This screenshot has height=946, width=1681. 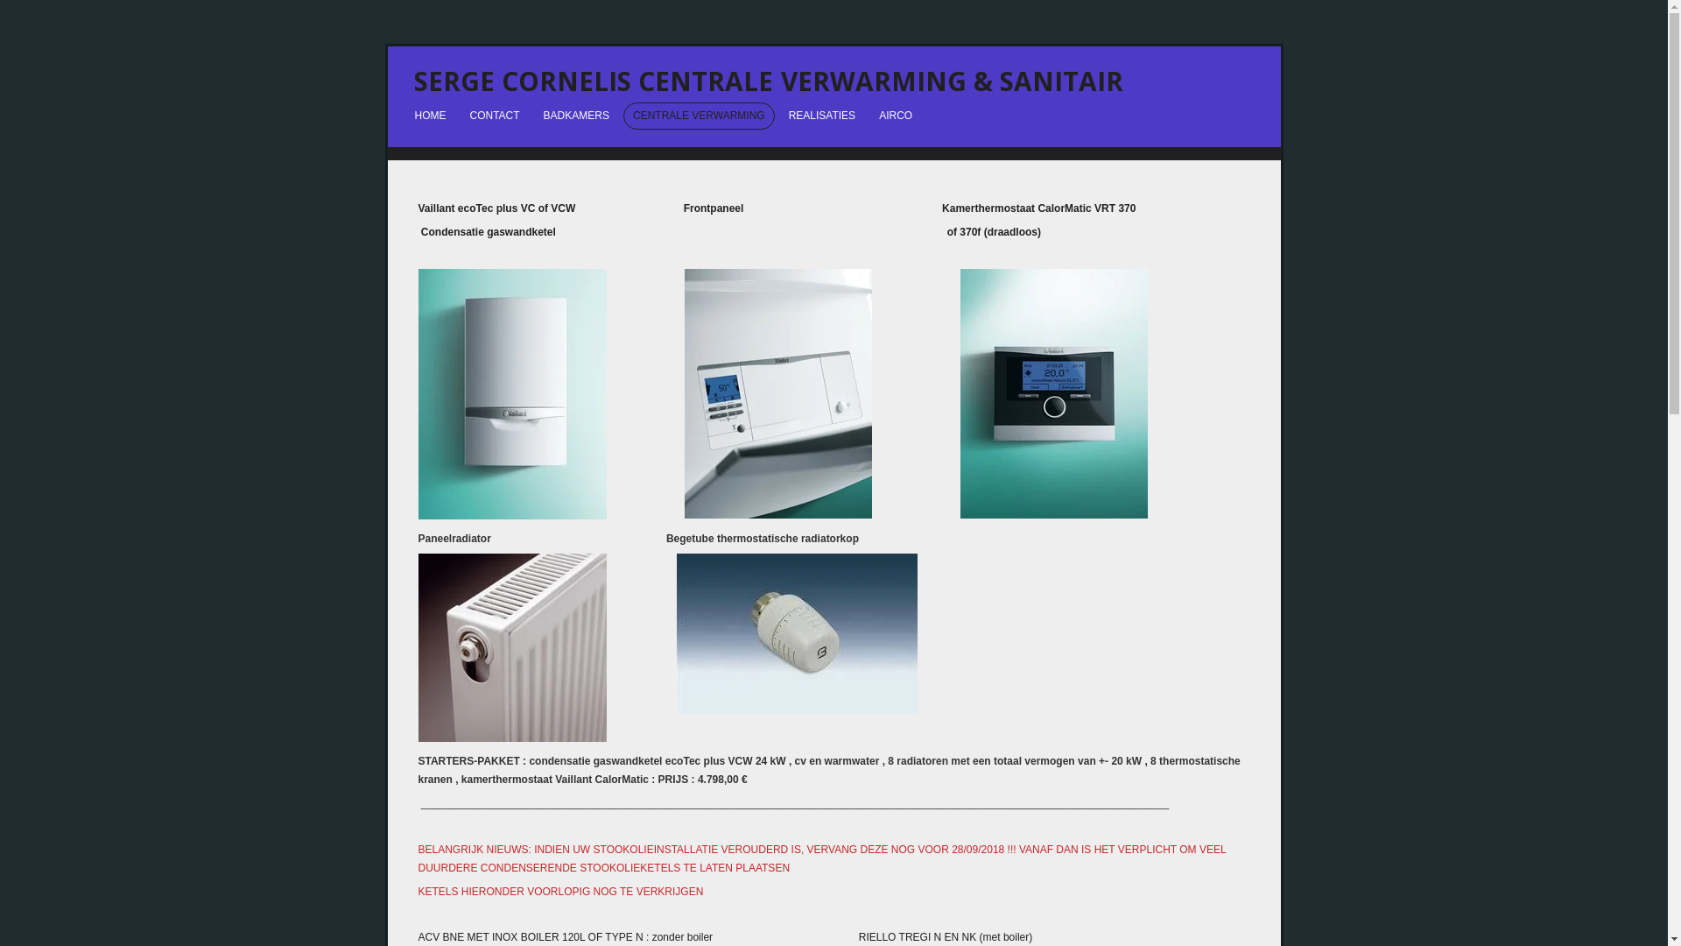 I want to click on 'CONTACT', so click(x=494, y=116).